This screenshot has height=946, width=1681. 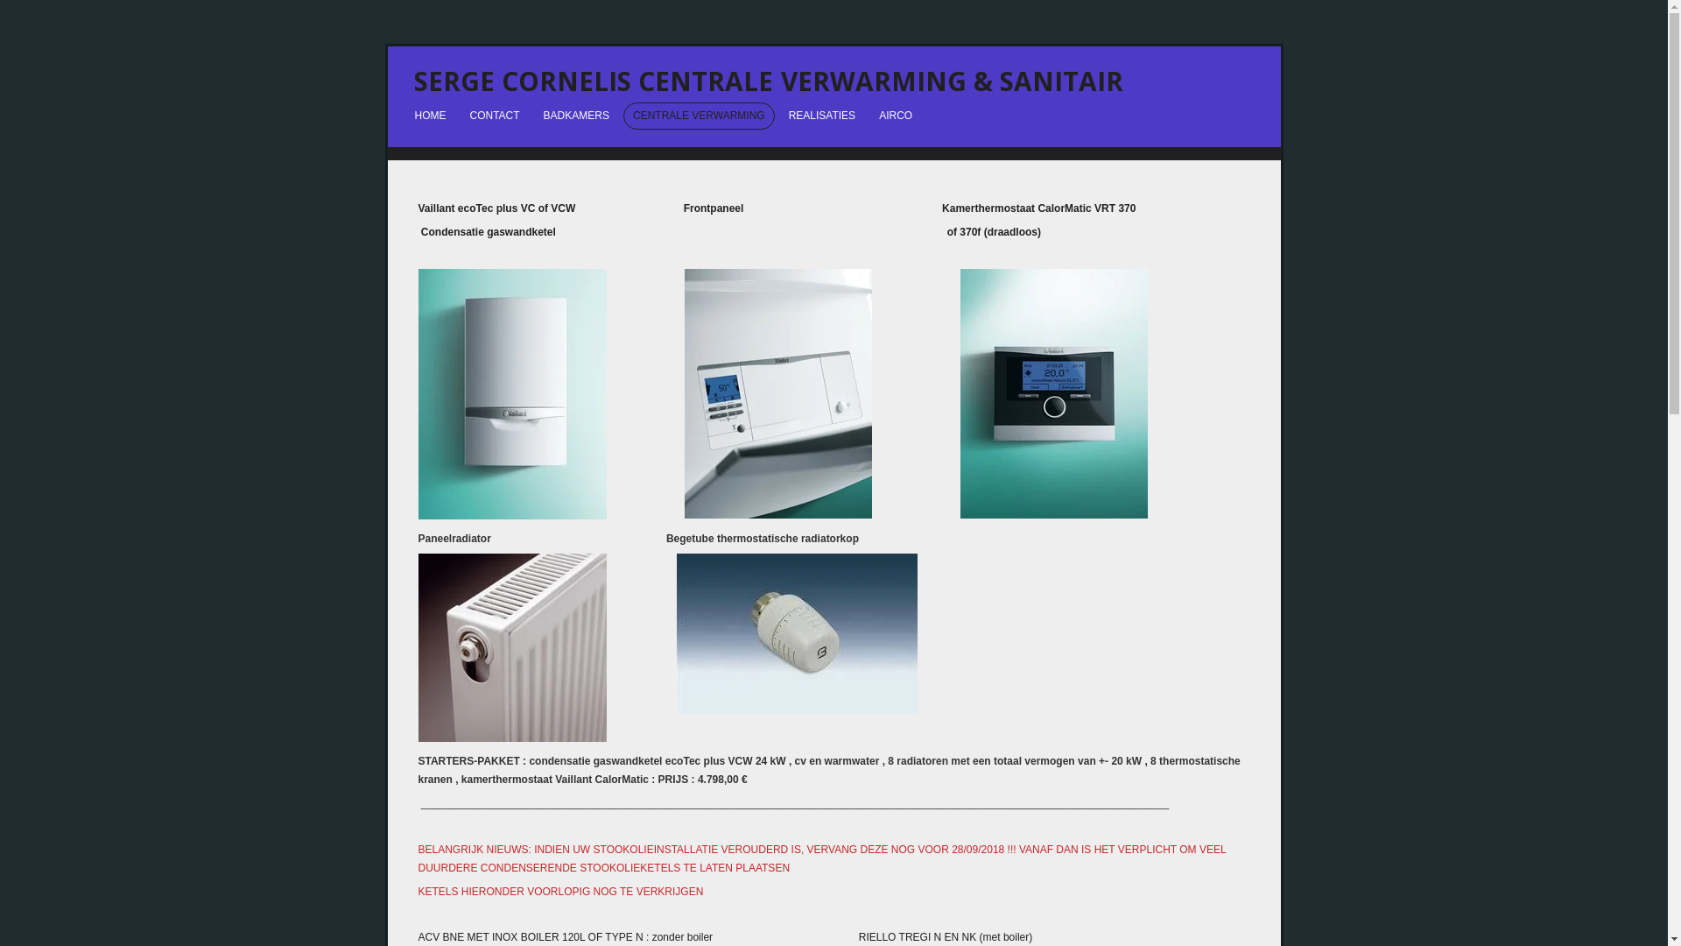 I want to click on 'CONTACT', so click(x=494, y=116).